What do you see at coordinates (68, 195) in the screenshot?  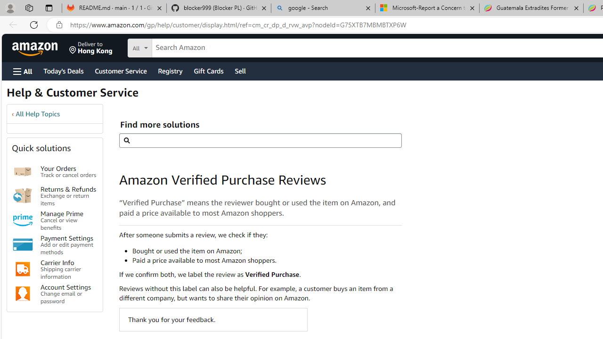 I see `'Returns & Refunds Exchange or return items'` at bounding box center [68, 195].